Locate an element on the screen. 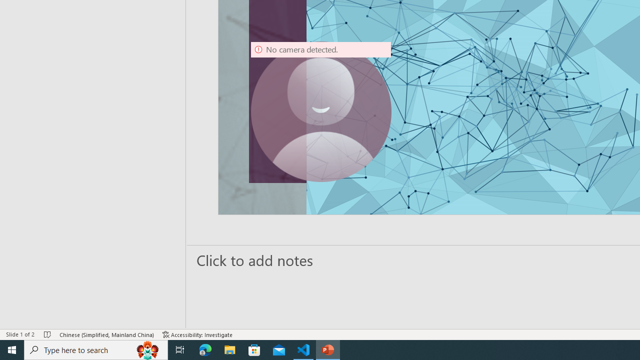  'Spell Check No Errors' is located at coordinates (47, 334).